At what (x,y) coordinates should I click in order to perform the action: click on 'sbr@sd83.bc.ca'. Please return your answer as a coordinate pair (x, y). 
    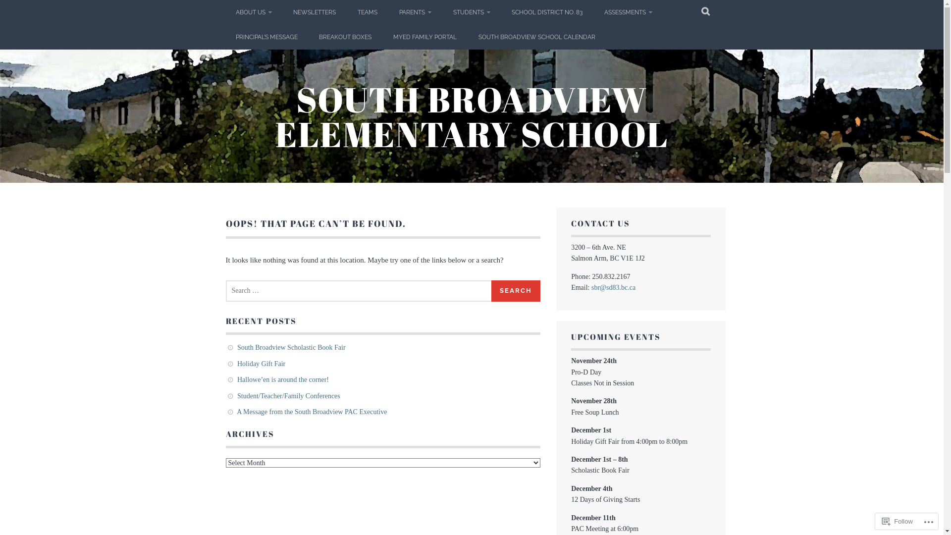
    Looking at the image, I should click on (613, 287).